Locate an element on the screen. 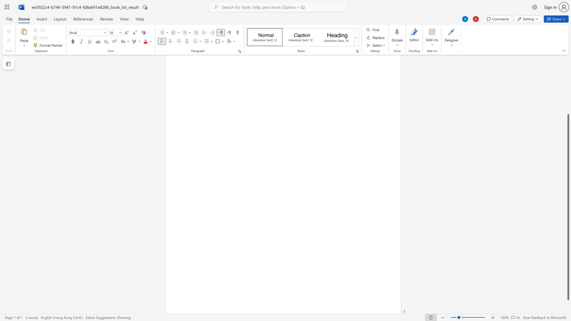 This screenshot has width=571, height=321. the scrollbar on the side is located at coordinates (568, 98).